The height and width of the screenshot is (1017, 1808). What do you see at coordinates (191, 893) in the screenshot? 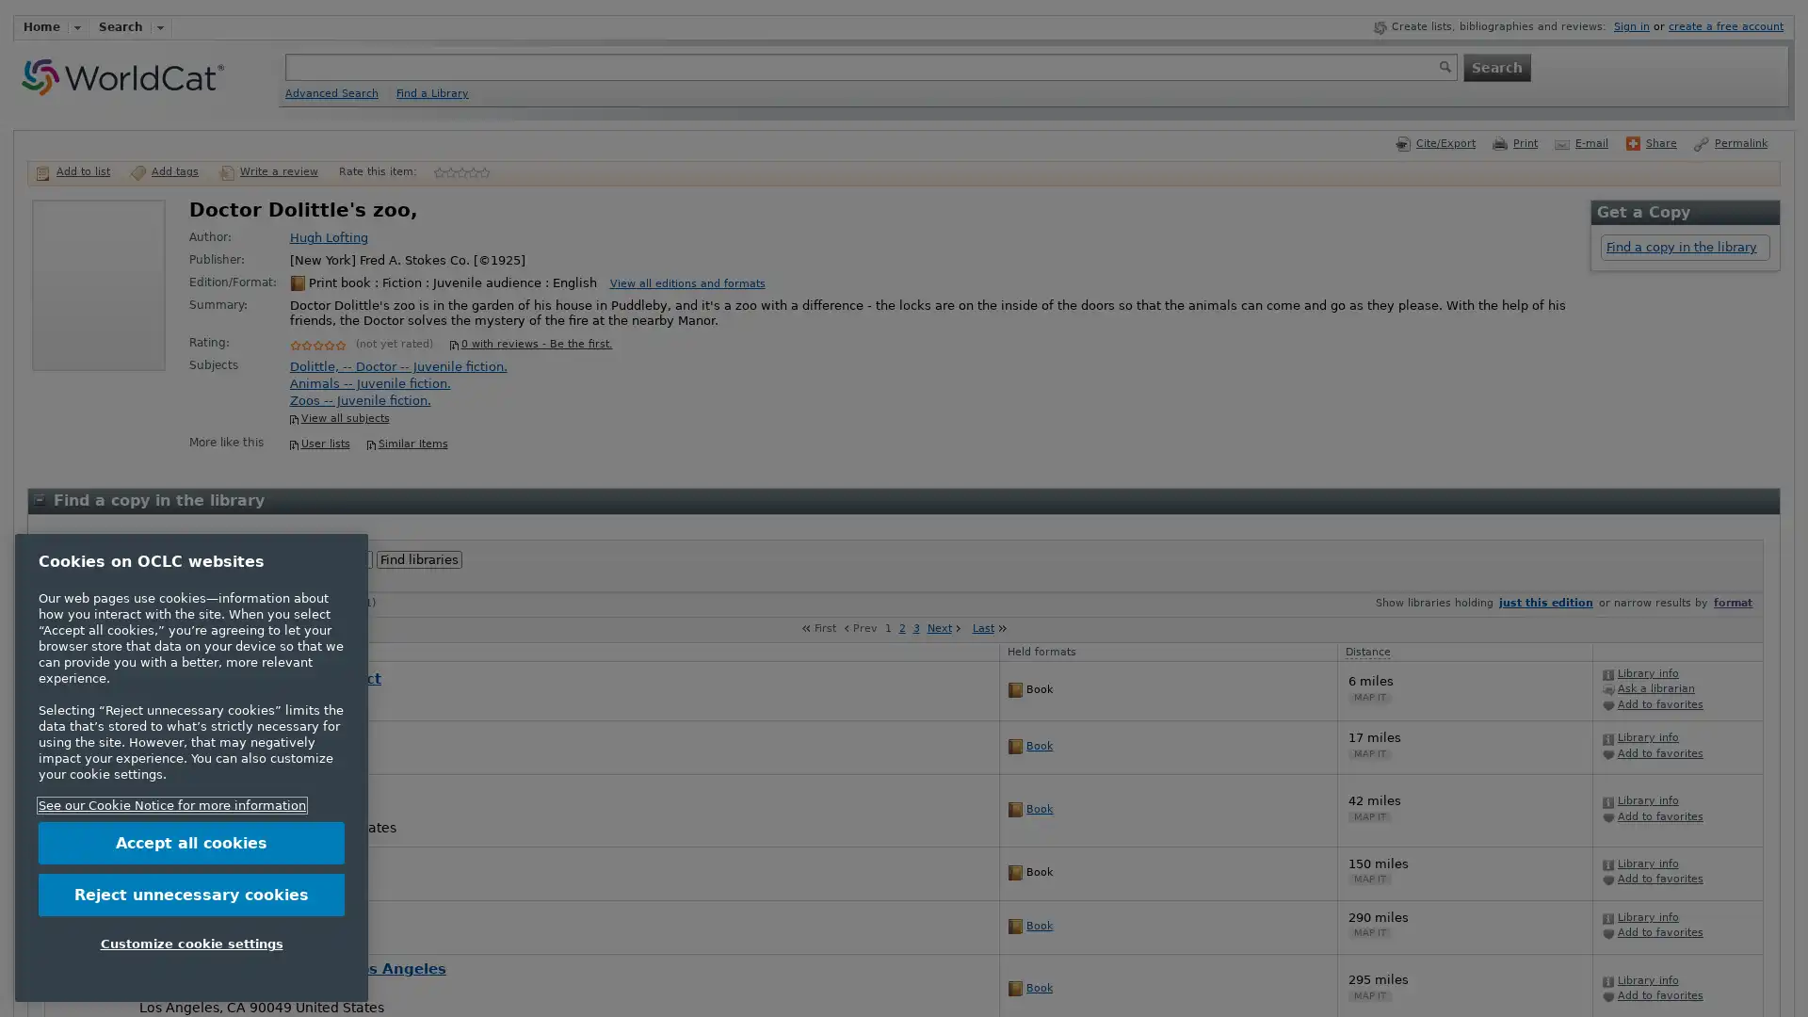
I see `Reject unnecessary cookies` at bounding box center [191, 893].